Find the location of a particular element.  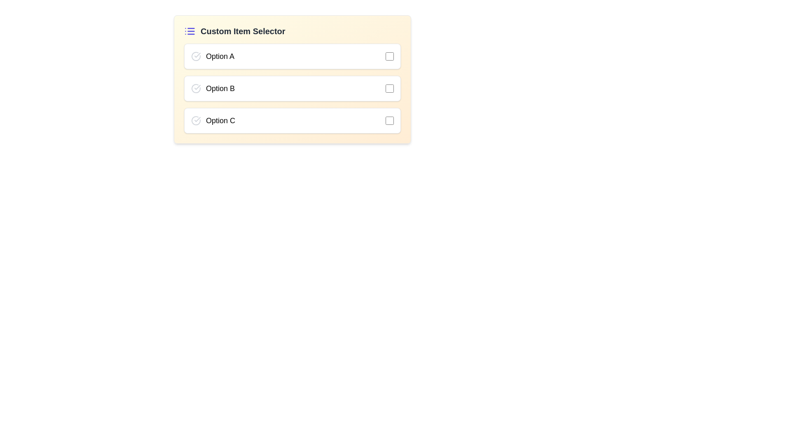

the circular icon with a checkmark that is located beside the text 'Option C' in the 'Custom Item Selector' list is located at coordinates (195, 121).